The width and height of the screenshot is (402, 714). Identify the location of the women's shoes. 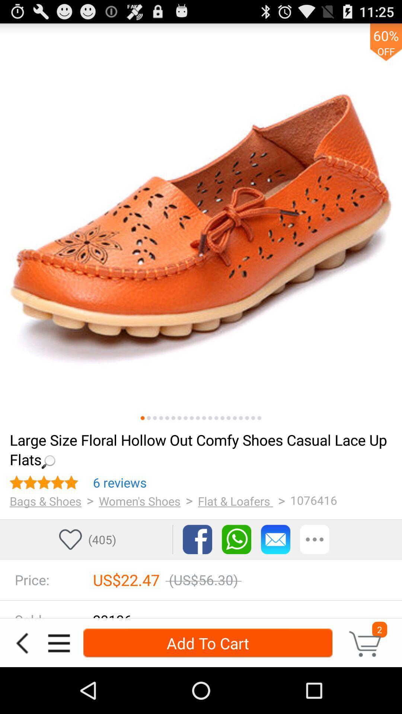
(140, 501).